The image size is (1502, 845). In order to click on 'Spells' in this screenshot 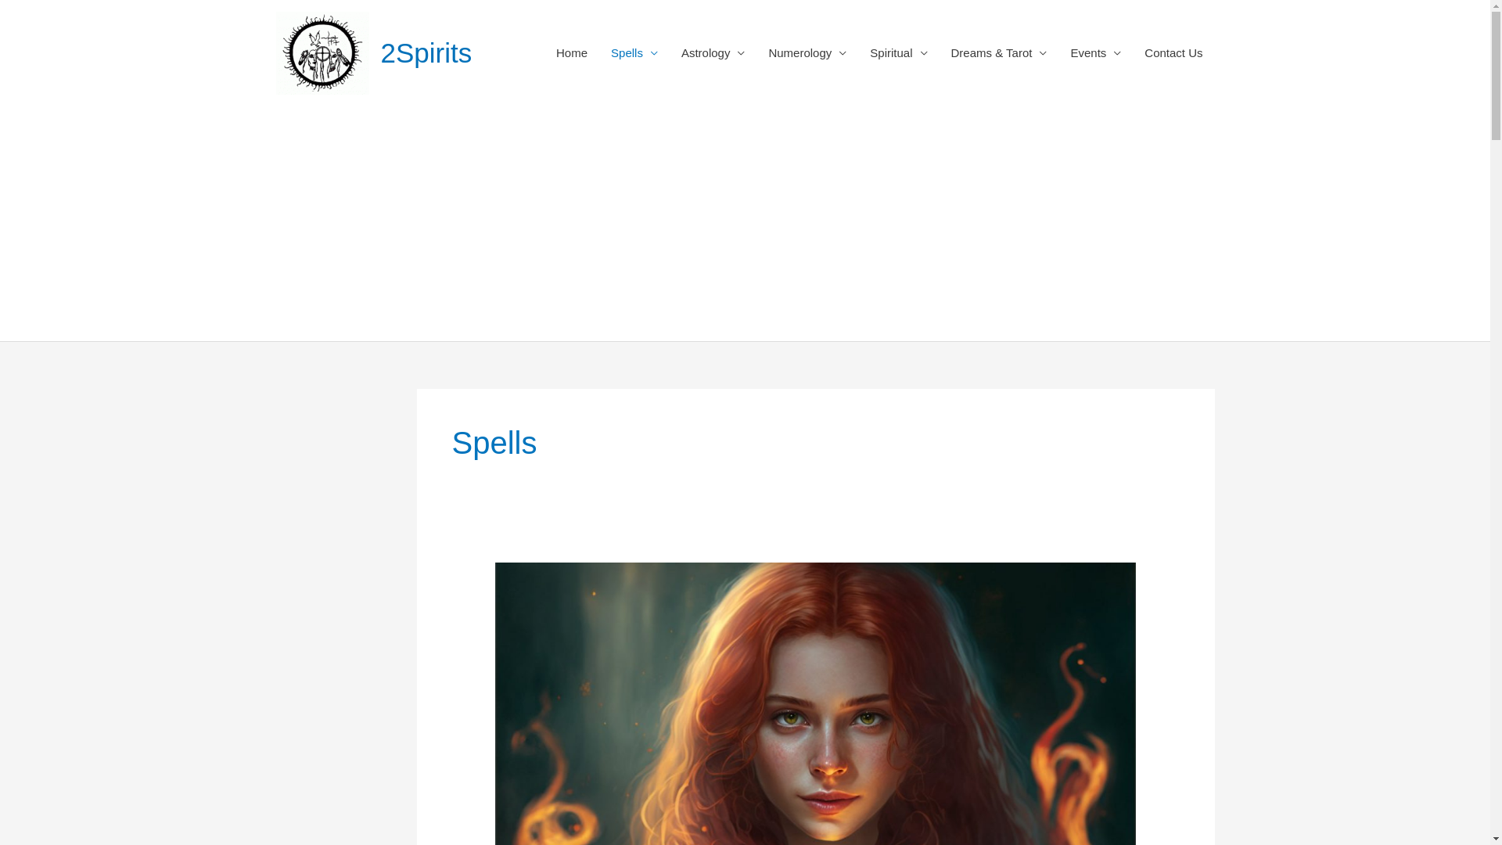, I will do `click(634, 52)`.